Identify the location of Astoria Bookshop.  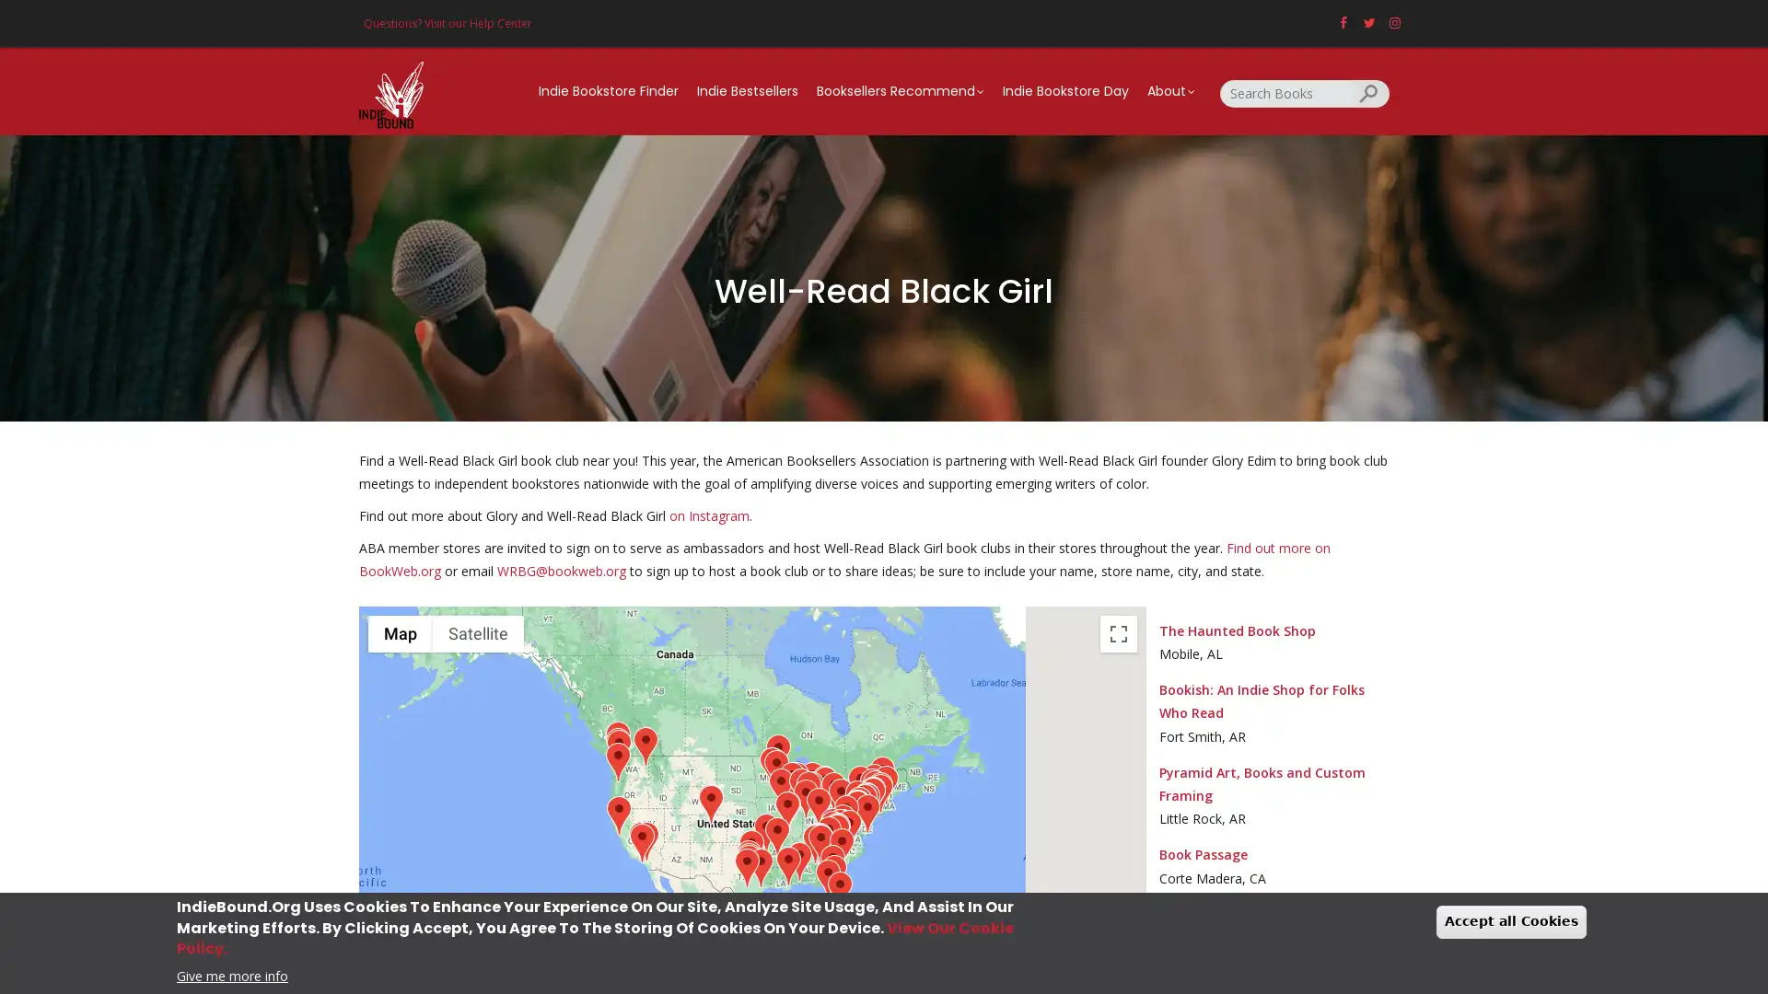
(871, 795).